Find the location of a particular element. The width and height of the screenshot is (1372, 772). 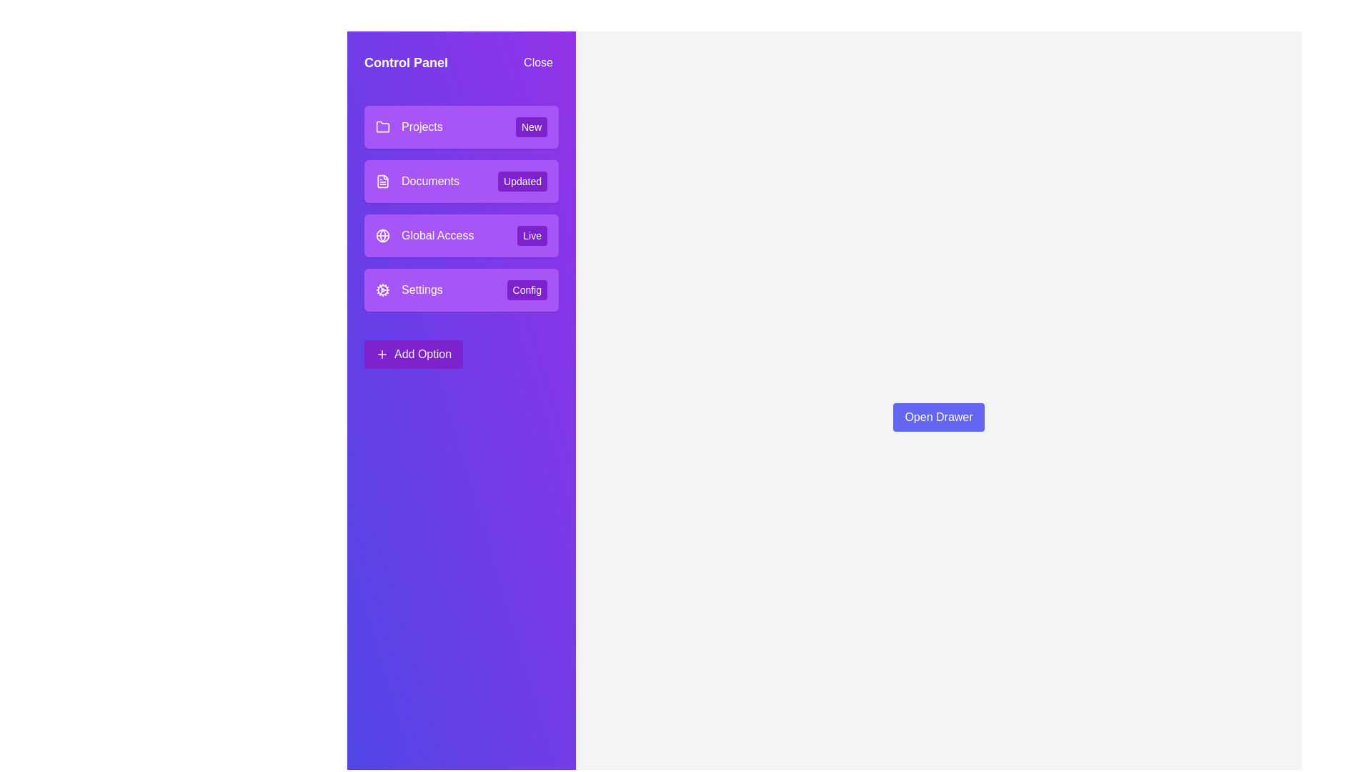

the tag associated with the menu item Settings is located at coordinates (526, 289).